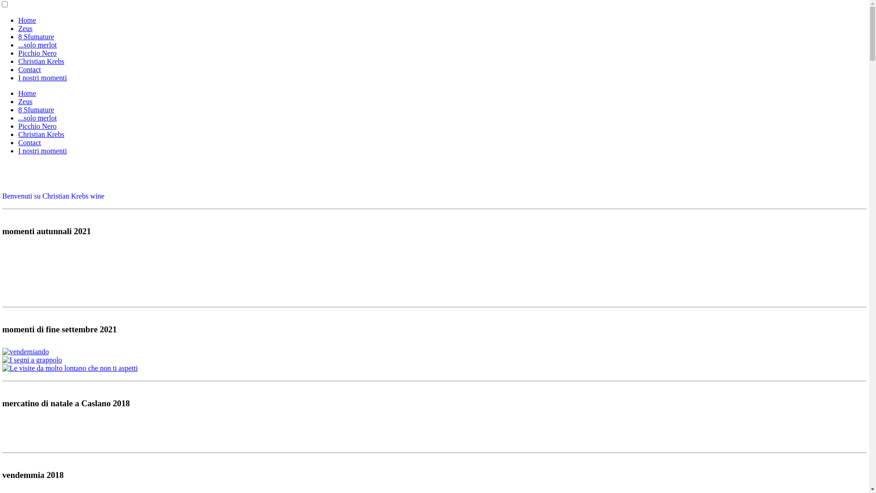 This screenshot has height=493, width=876. What do you see at coordinates (25, 101) in the screenshot?
I see `'Zeus'` at bounding box center [25, 101].